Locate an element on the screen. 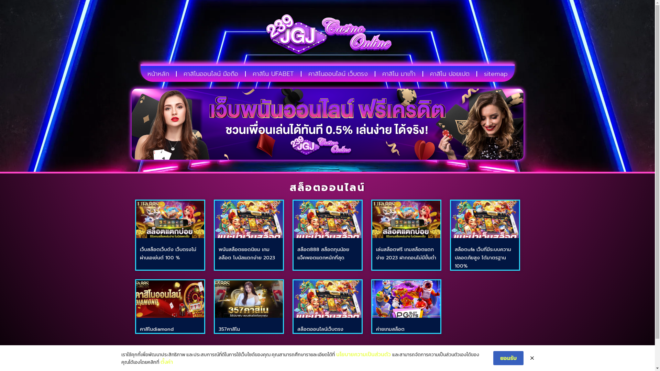 This screenshot has width=660, height=371. 'sitemap' is located at coordinates (496, 74).